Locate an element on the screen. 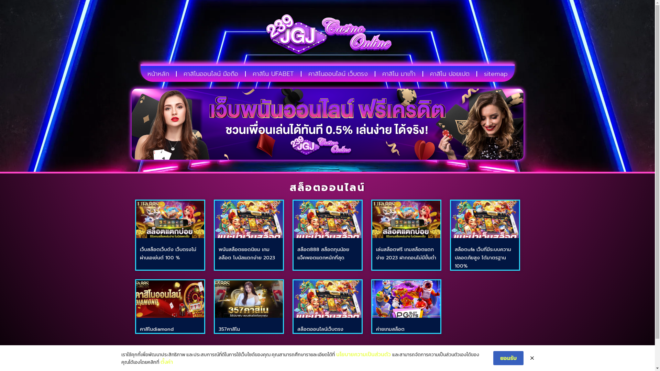 This screenshot has width=660, height=371. 'sitemap' is located at coordinates (496, 74).